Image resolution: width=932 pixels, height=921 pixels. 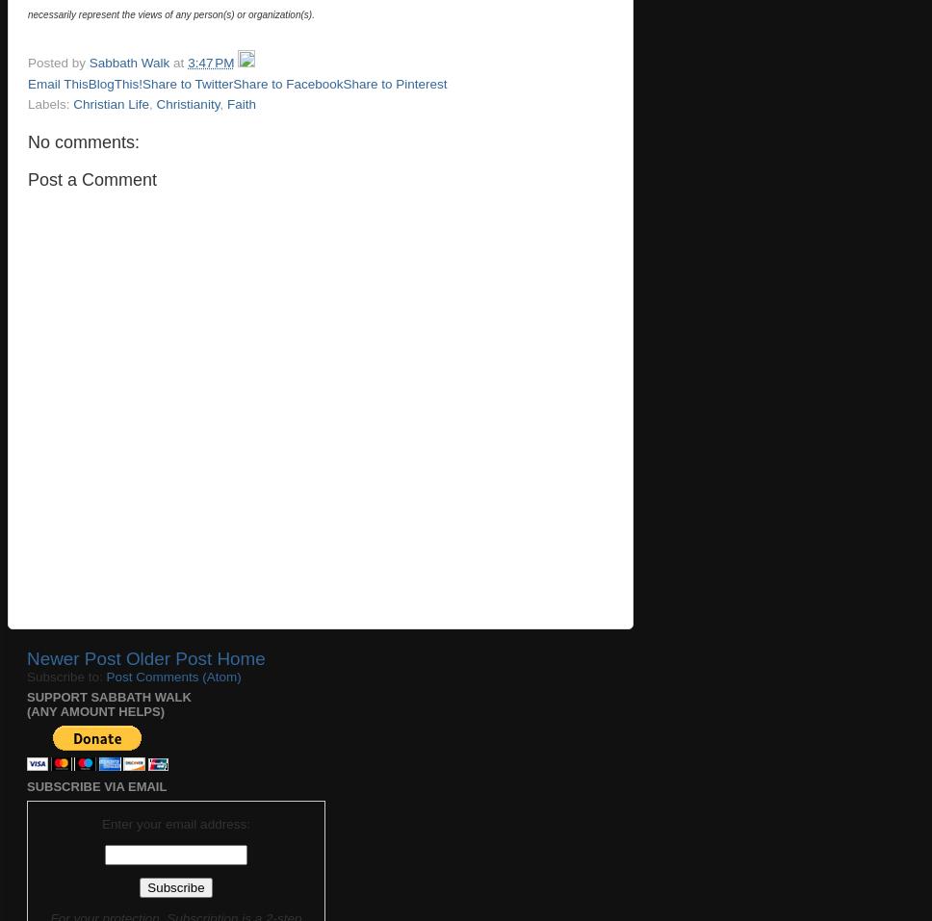 What do you see at coordinates (72, 657) in the screenshot?
I see `'Newer Post'` at bounding box center [72, 657].